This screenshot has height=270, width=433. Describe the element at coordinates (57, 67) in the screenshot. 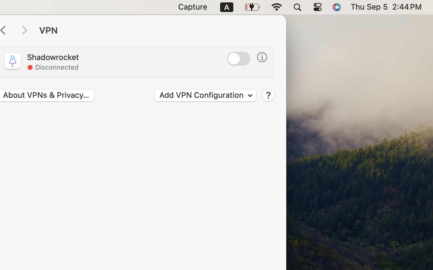

I see `'Disconnected'` at that location.